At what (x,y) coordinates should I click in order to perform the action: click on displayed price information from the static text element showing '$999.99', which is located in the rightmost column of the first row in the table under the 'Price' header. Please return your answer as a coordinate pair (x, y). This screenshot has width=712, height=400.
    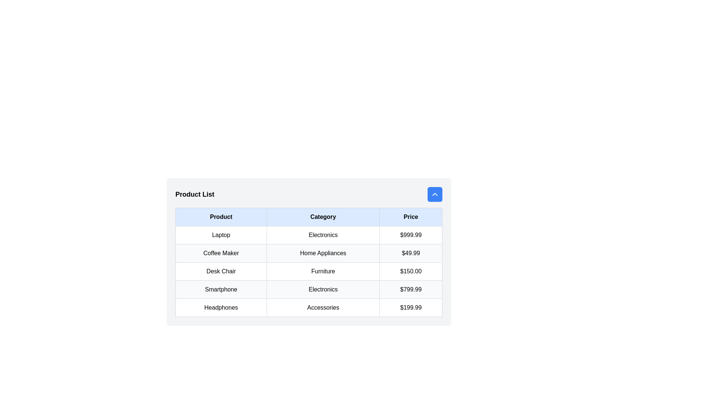
    Looking at the image, I should click on (411, 235).